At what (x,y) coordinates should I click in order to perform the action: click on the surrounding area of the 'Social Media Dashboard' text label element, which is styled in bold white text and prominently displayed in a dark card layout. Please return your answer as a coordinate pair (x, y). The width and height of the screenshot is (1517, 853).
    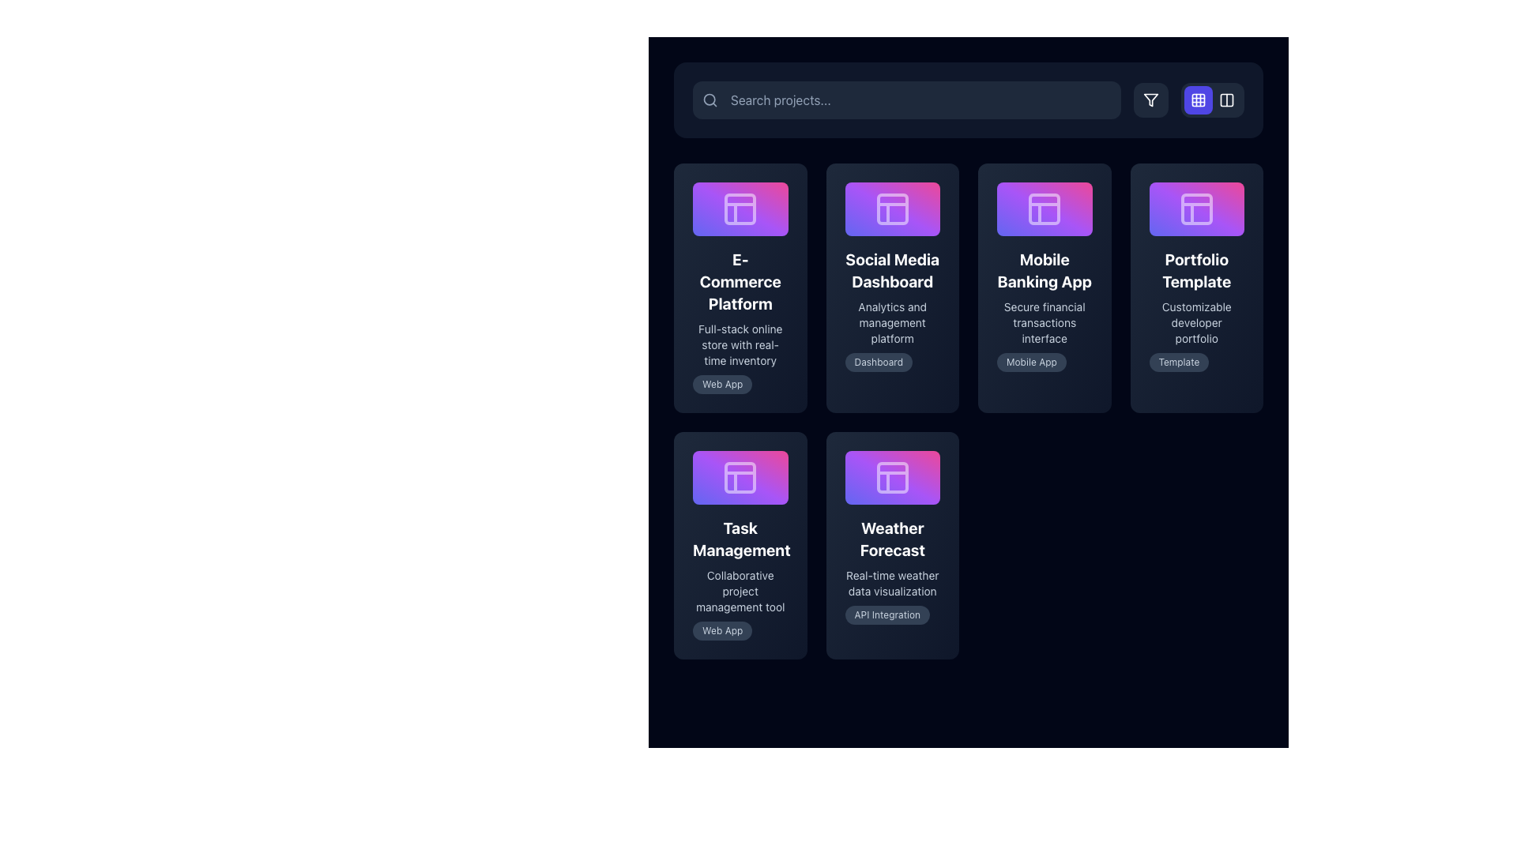
    Looking at the image, I should click on (892, 269).